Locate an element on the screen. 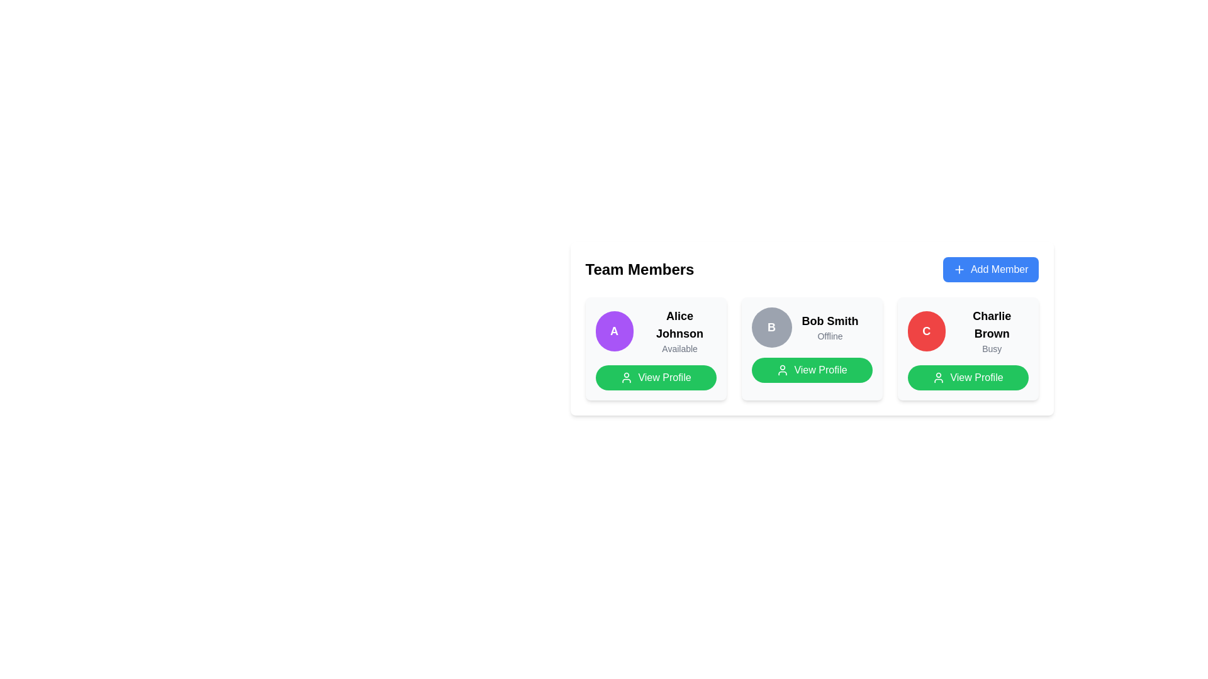 This screenshot has height=679, width=1208. the 'Add Member' button, which is a rectangular button with rounded corners, vibrant blue background, white text, and a plus sign icon, located at the top right corner of the 'Team Members' section is located at coordinates (990, 268).